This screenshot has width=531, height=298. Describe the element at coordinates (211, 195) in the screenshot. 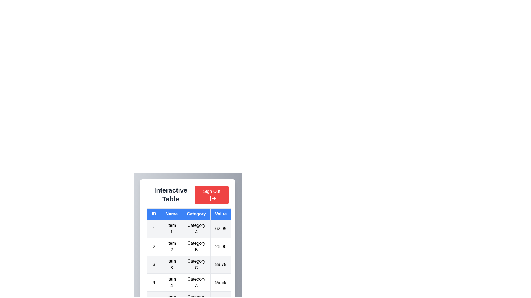

I see `the 'Sign Out' button to observe its hover effect` at that location.